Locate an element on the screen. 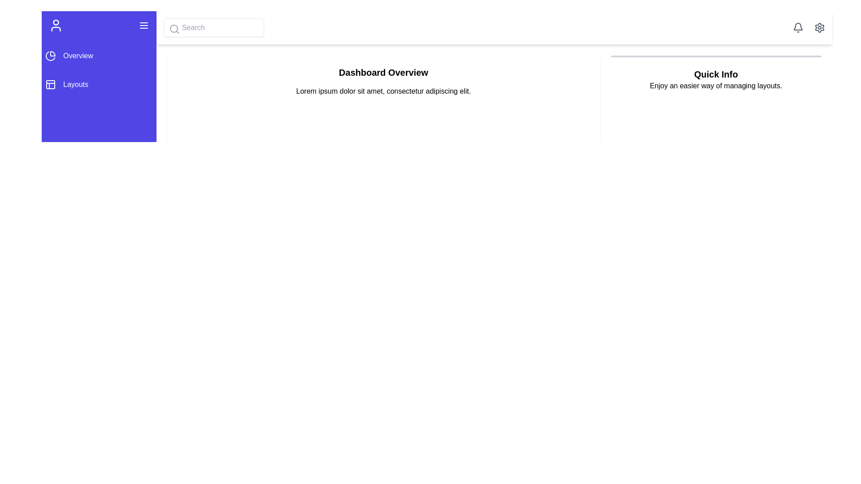  the graphical indicator, which is a circular shape located within the user profile icon in the left sidebar, representing the head of a user figure is located at coordinates (55, 22).